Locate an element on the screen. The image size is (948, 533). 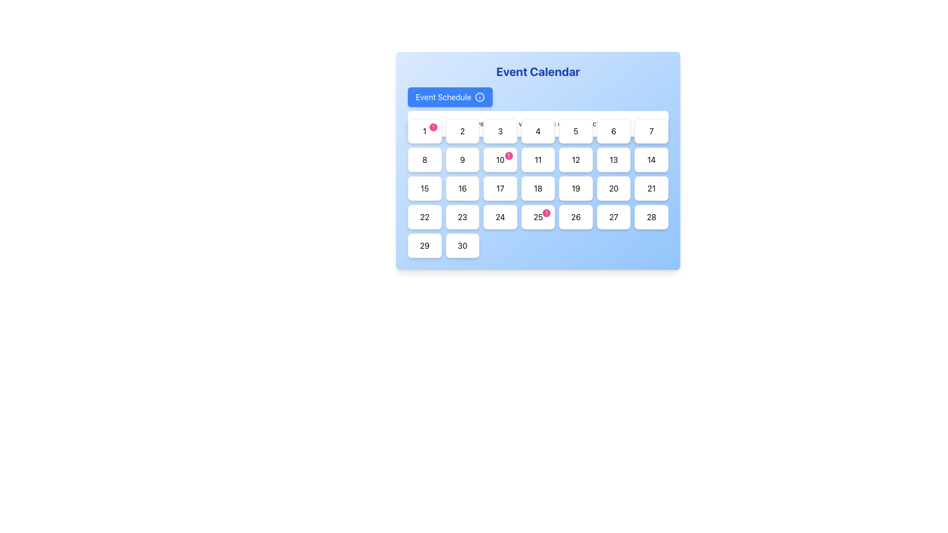
the button displaying the number '2' in a grid-like calendar layout is located at coordinates (462, 131).